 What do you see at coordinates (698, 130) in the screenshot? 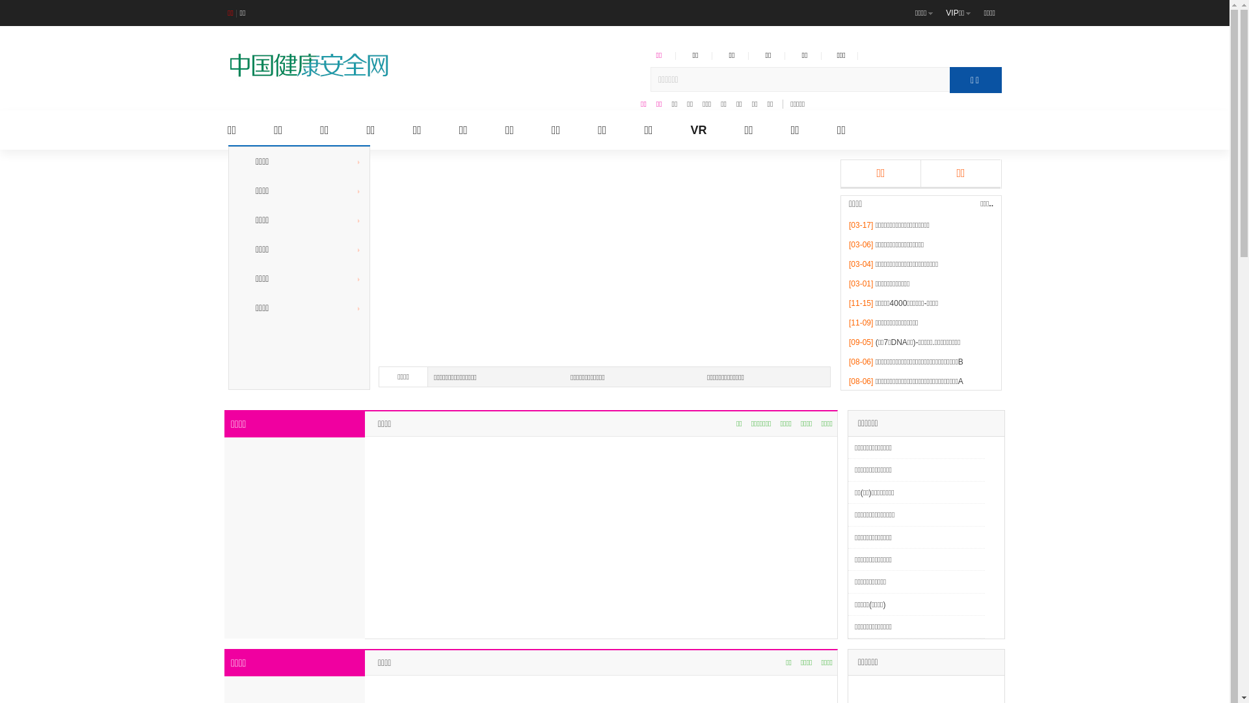
I see `'VR'` at bounding box center [698, 130].